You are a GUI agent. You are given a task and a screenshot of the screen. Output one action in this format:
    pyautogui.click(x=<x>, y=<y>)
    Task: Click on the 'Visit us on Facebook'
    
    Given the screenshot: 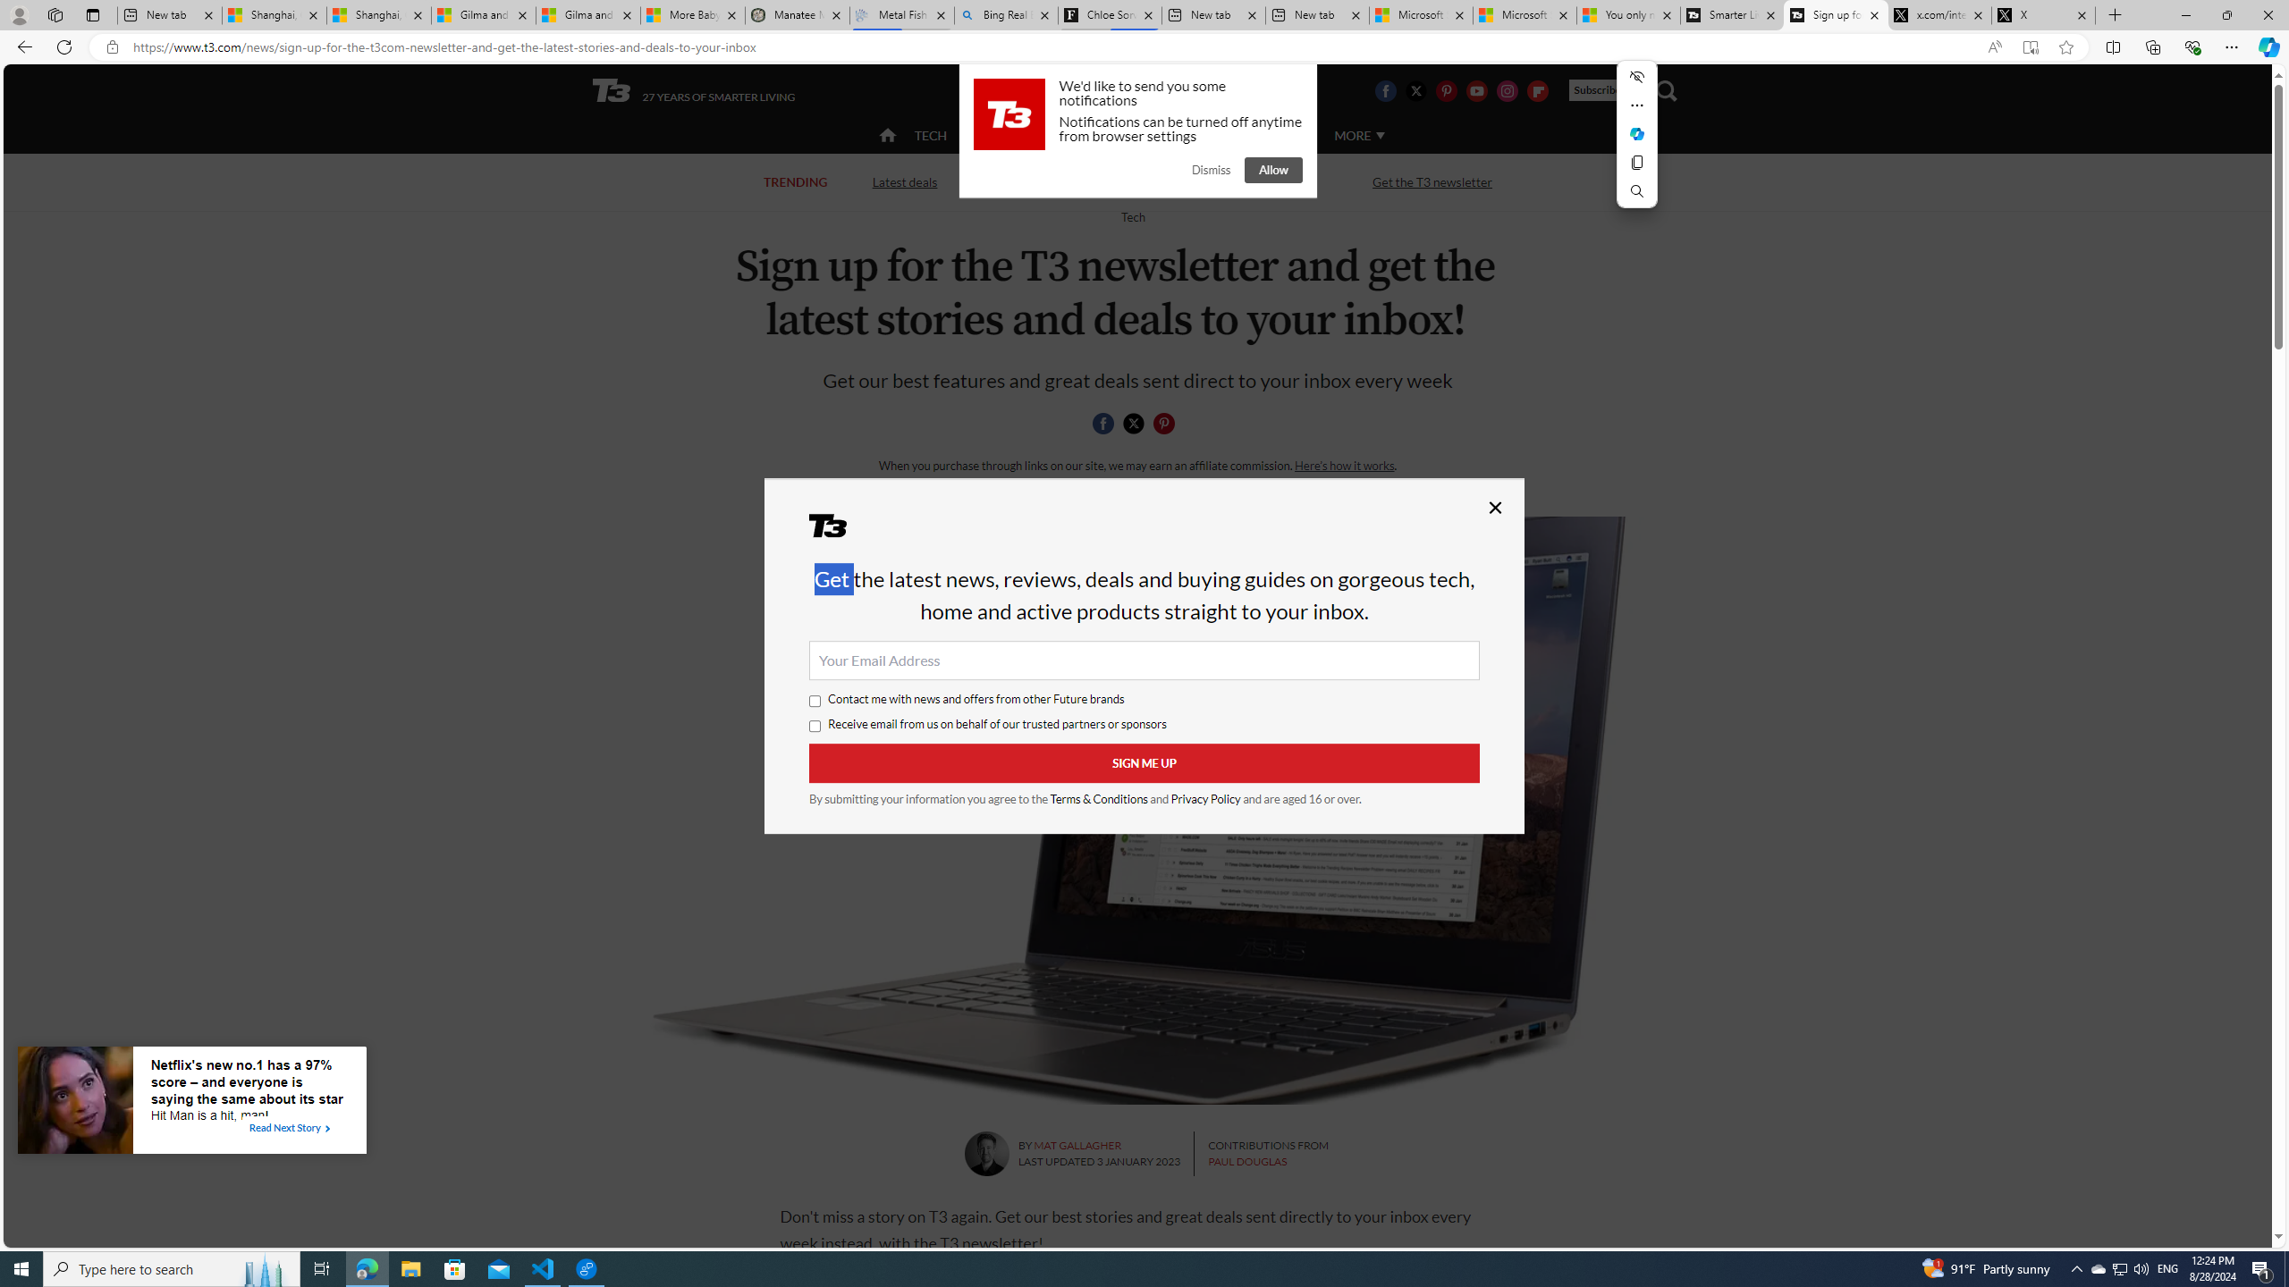 What is the action you would take?
    pyautogui.click(x=1384, y=89)
    